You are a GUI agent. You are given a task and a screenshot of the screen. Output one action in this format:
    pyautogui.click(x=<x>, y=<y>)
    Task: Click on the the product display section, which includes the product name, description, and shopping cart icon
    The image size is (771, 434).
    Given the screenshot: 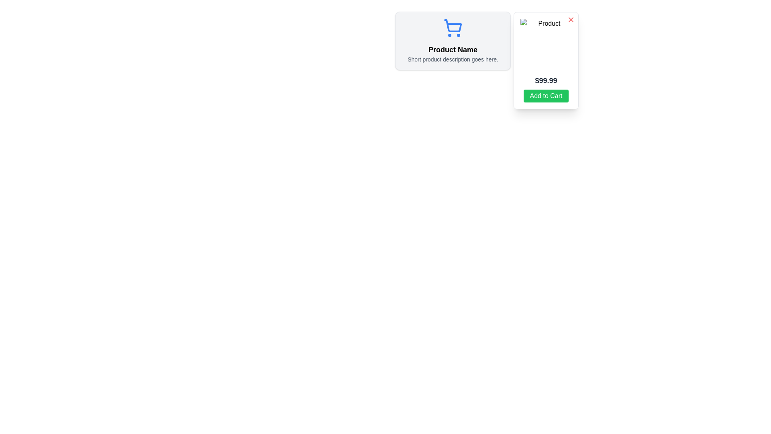 What is the action you would take?
    pyautogui.click(x=453, y=41)
    